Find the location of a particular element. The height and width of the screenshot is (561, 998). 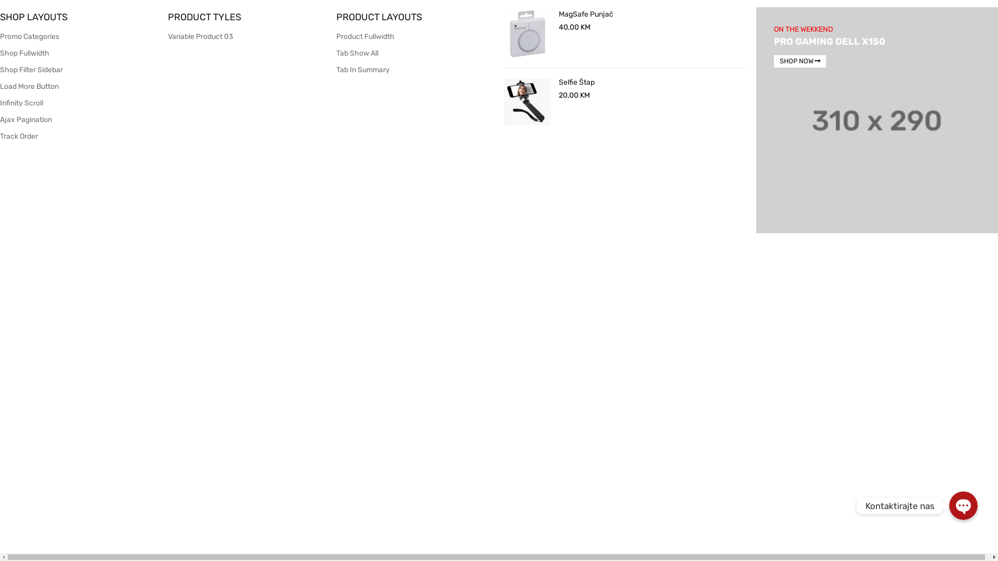

'Variable Product 03' is located at coordinates (200, 36).